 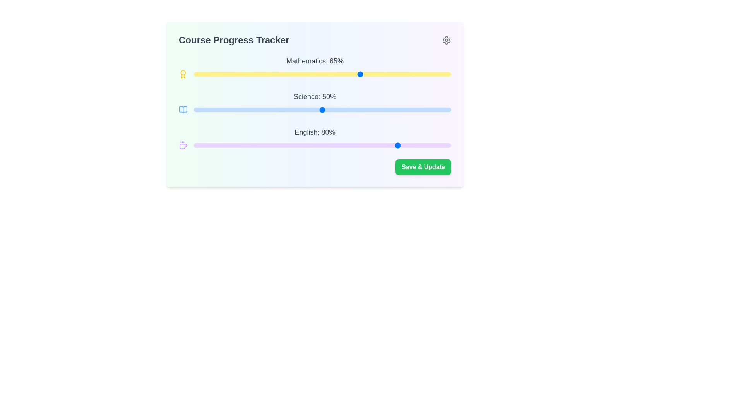 What do you see at coordinates (353, 145) in the screenshot?
I see `the English progress` at bounding box center [353, 145].